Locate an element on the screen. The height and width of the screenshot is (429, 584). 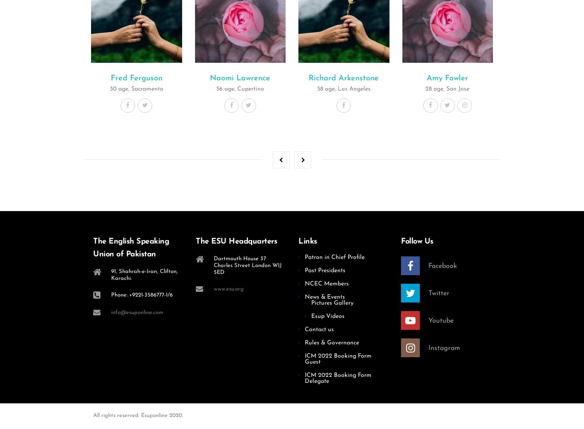
'Dartmouth House 37 Charles Street London W1J 5ED' is located at coordinates (247, 265).